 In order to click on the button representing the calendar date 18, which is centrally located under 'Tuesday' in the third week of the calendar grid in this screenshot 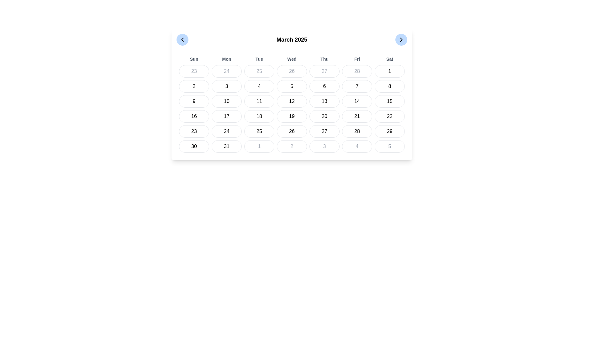, I will do `click(259, 116)`.